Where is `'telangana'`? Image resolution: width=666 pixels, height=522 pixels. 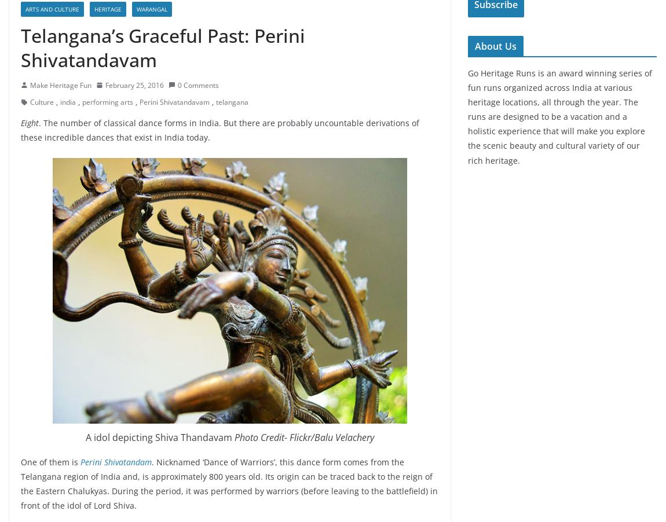
'telangana' is located at coordinates (232, 101).